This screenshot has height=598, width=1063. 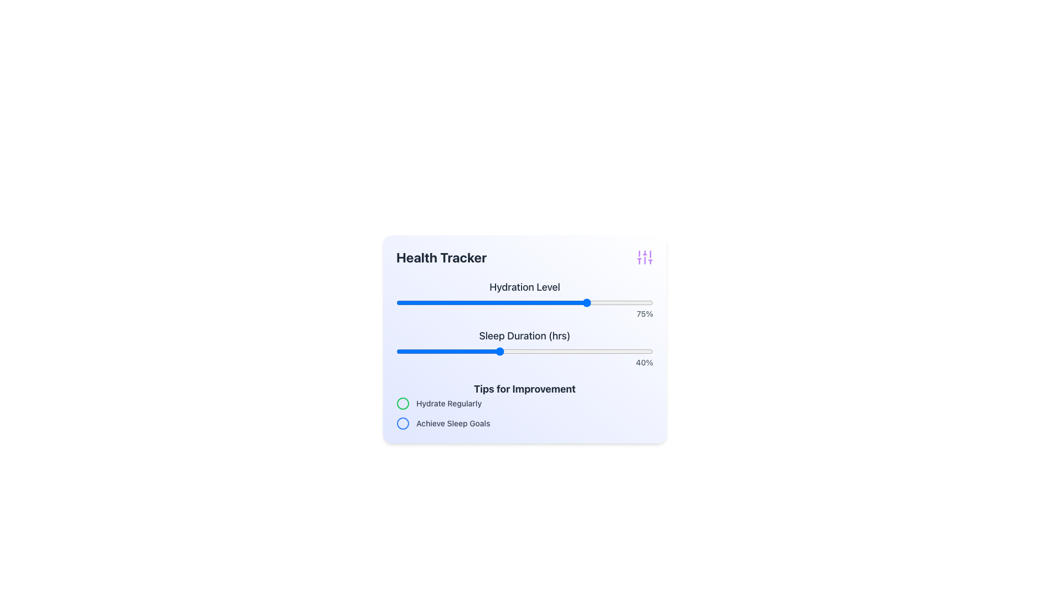 I want to click on the list element containing 'Hydrate Regularly' and 'Achieve Sleep Goals', so click(x=524, y=414).